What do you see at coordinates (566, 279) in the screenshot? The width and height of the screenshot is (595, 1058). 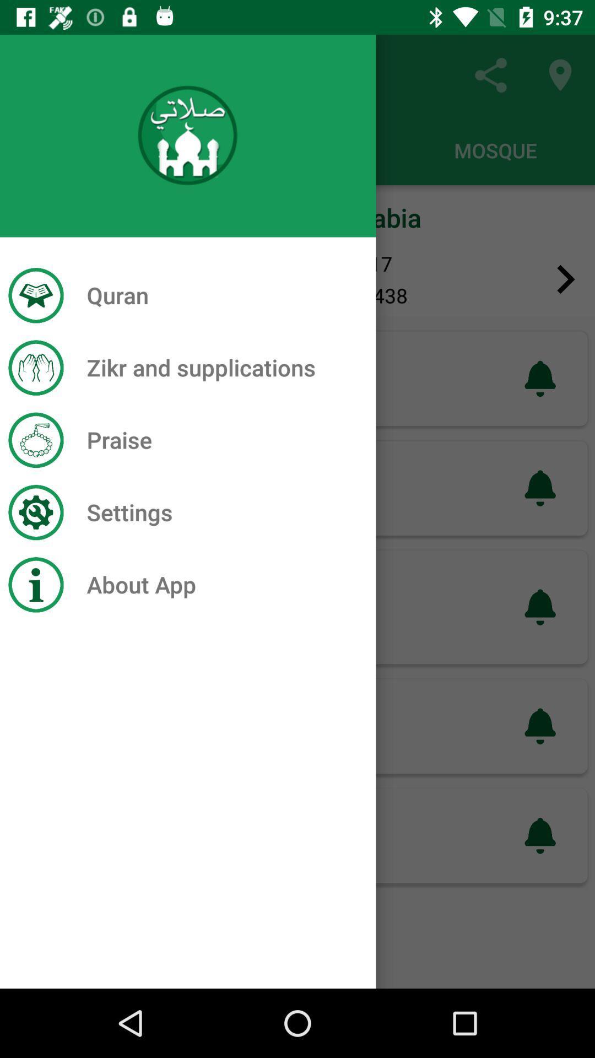 I see `the arrow_forward icon` at bounding box center [566, 279].